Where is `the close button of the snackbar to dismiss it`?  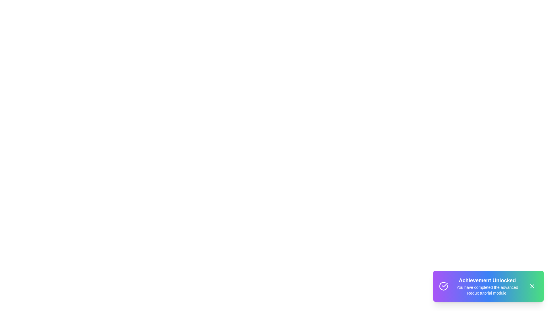 the close button of the snackbar to dismiss it is located at coordinates (532, 286).